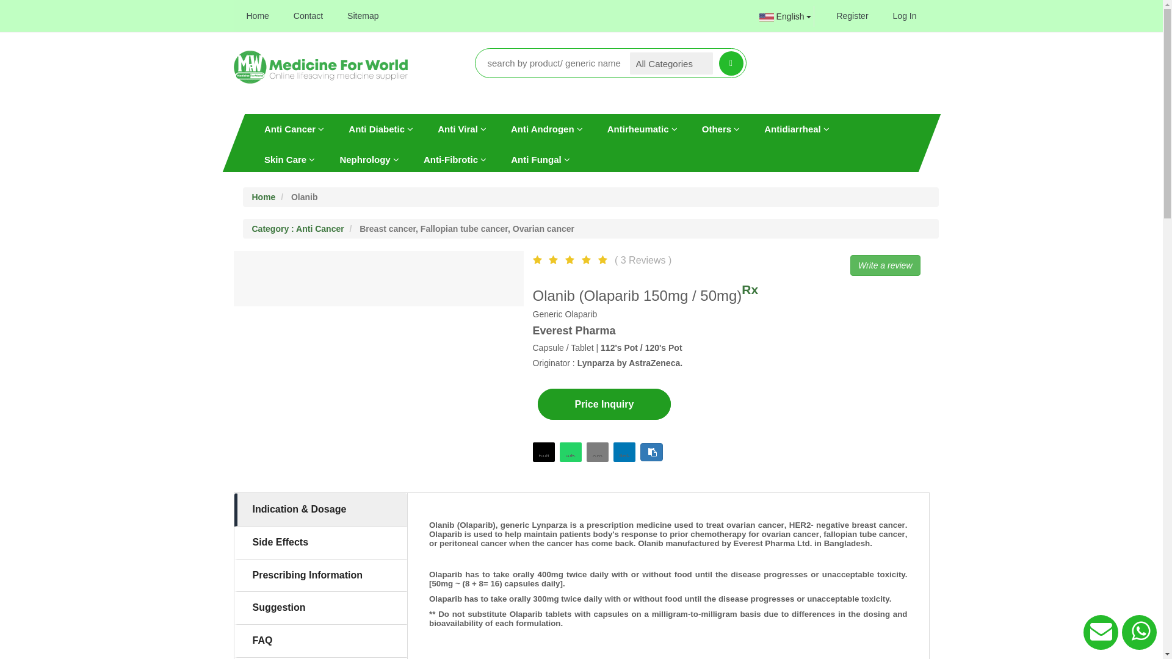 The width and height of the screenshot is (1172, 659). I want to click on 'peritoneal cancer', so click(472, 542).